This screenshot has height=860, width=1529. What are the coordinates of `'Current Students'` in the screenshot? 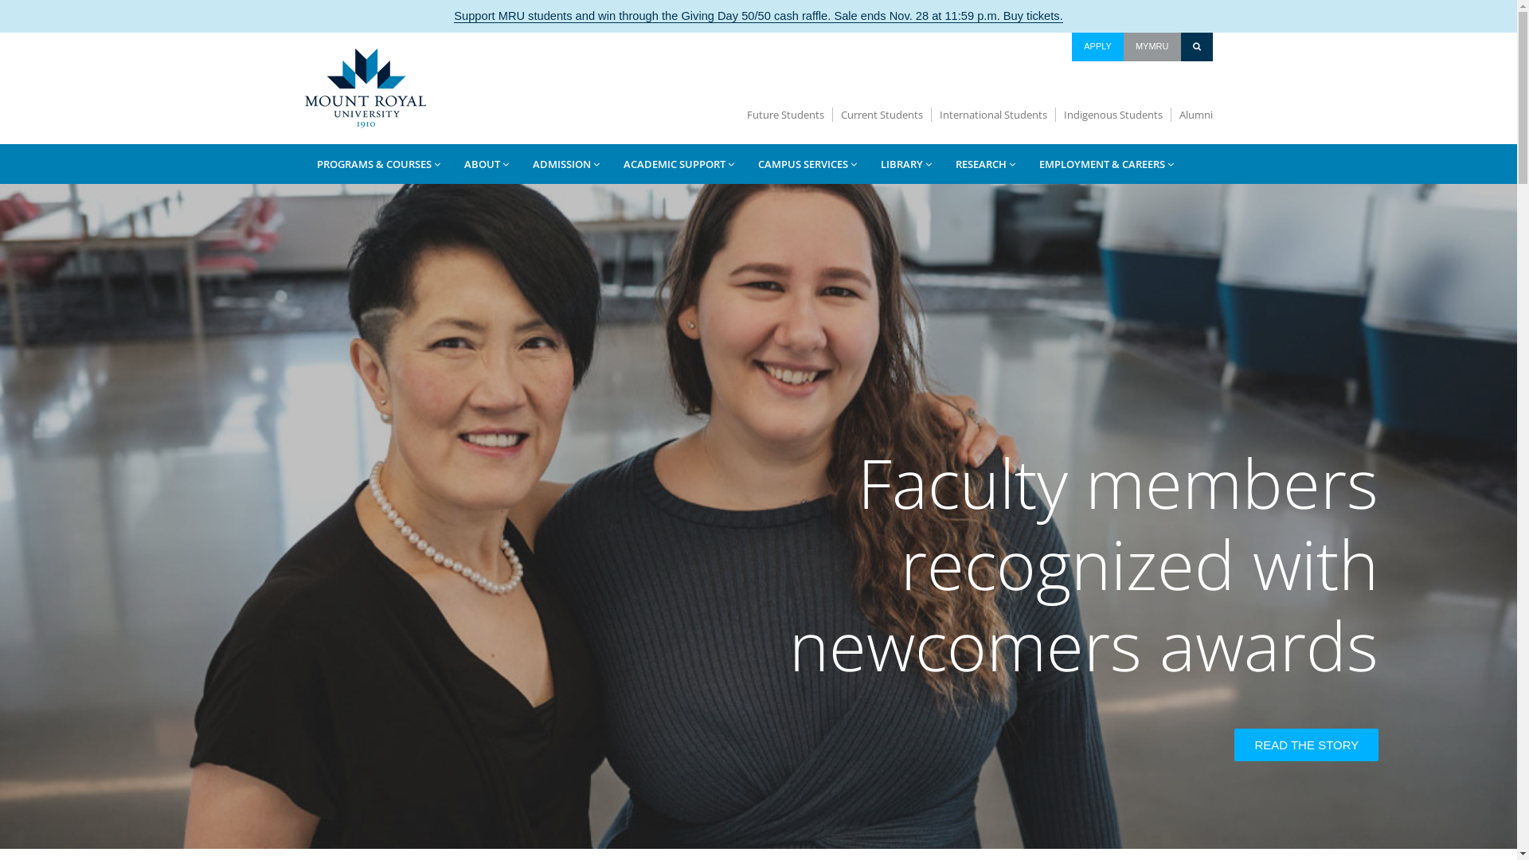 It's located at (882, 114).